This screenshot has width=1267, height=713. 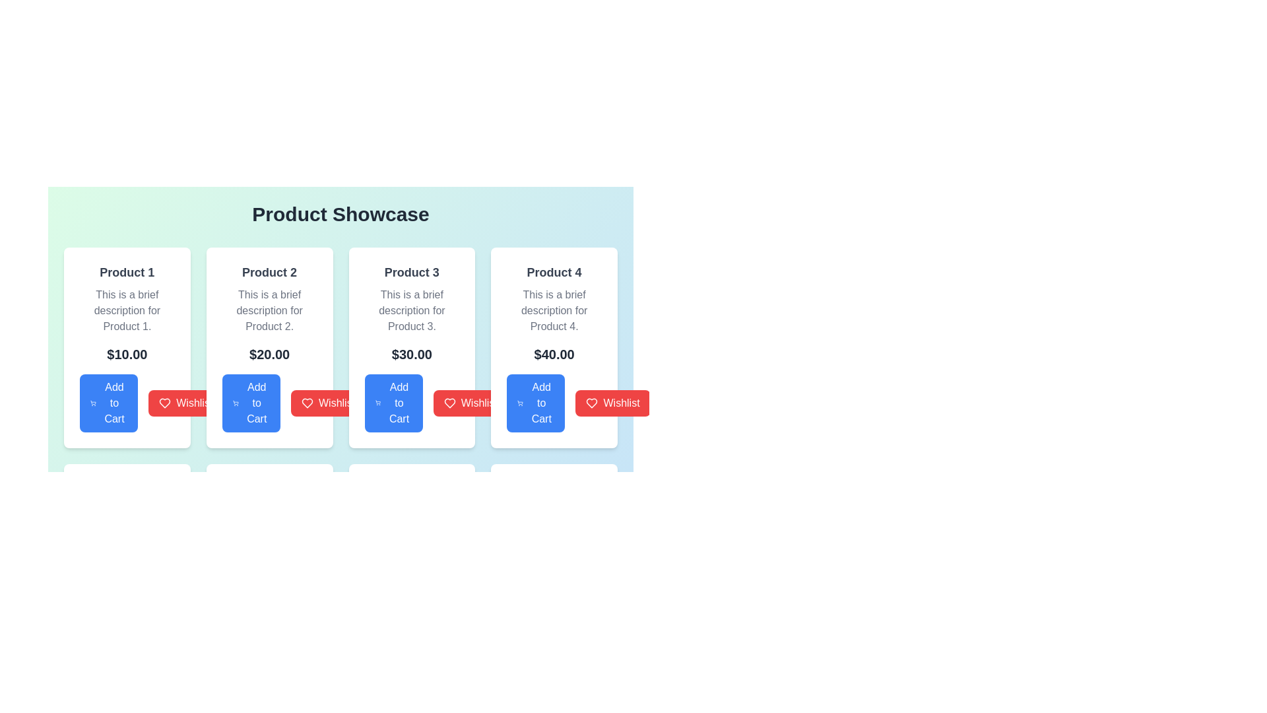 What do you see at coordinates (541, 402) in the screenshot?
I see `the 'Add to Cart' button, which is a blue rectangular button located at the bottom center of the fourth product card in a horizontal list, containing the text 'Add to Cart' and a shopping cart icon` at bounding box center [541, 402].